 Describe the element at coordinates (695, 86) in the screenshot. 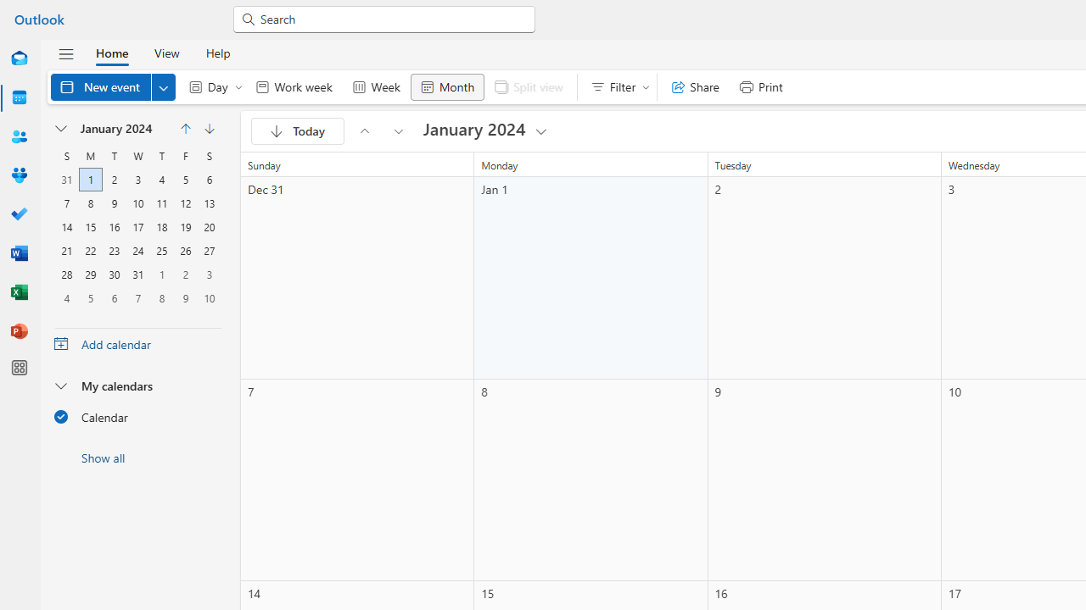

I see `'Share'` at that location.